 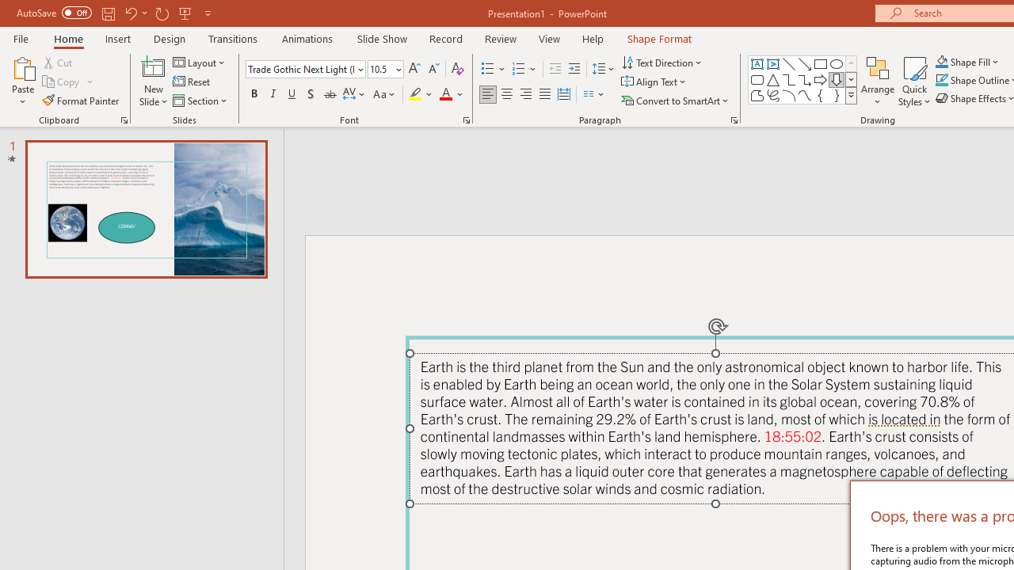 What do you see at coordinates (942, 61) in the screenshot?
I see `'Shape Fill Aqua, Accent 2'` at bounding box center [942, 61].